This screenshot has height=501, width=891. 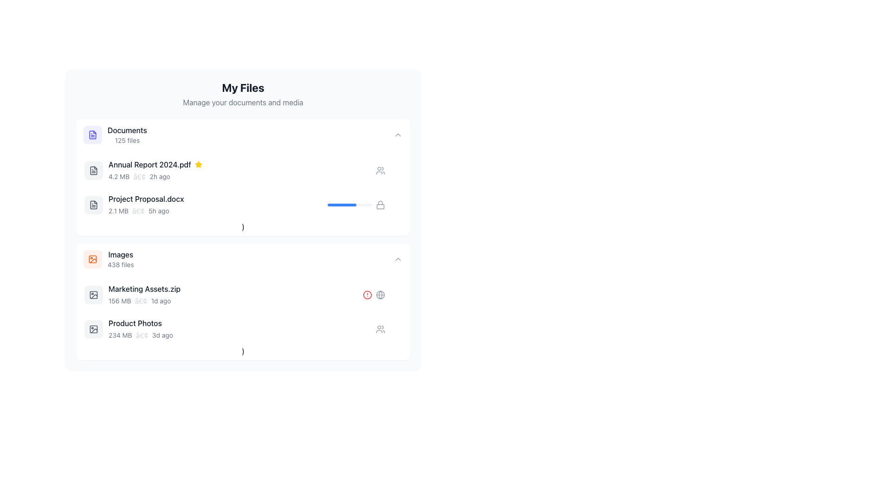 What do you see at coordinates (146, 198) in the screenshot?
I see `the text label indicating the file name 'Project Proposal.docx'` at bounding box center [146, 198].